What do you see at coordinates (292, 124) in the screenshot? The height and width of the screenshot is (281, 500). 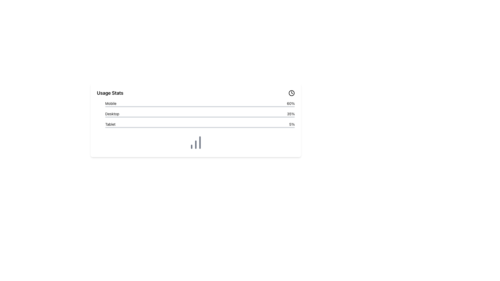 I see `the static text label displaying the percentage (5%) for the 'Tablet' category in the usage statistics` at bounding box center [292, 124].